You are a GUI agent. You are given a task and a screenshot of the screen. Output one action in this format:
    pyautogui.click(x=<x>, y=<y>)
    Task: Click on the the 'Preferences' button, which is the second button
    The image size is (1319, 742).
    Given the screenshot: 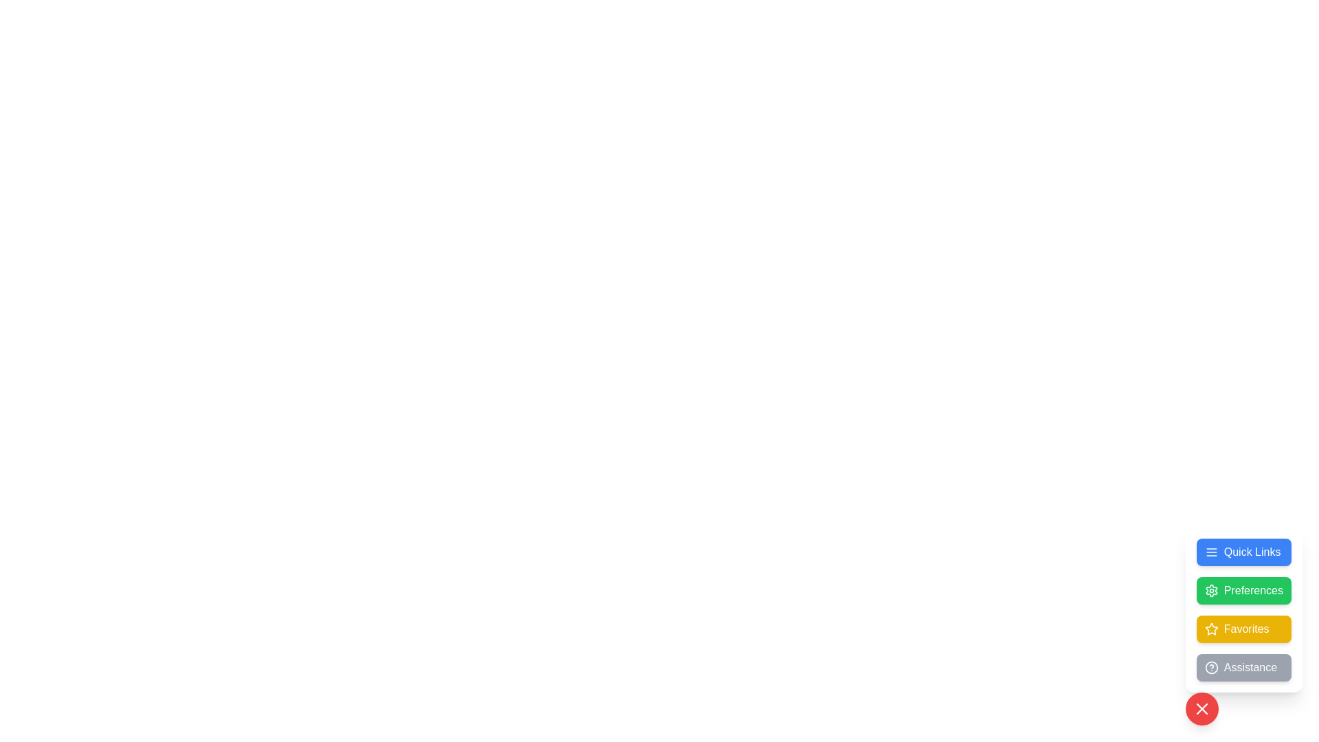 What is the action you would take?
    pyautogui.click(x=1243, y=590)
    